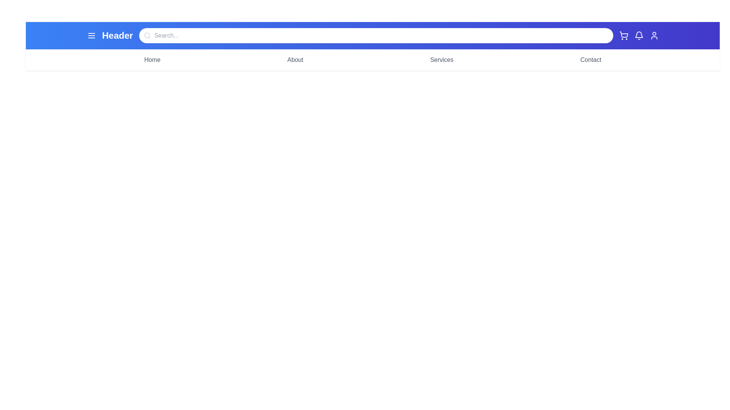 Image resolution: width=730 pixels, height=410 pixels. What do you see at coordinates (639, 35) in the screenshot?
I see `the notification bell icon` at bounding box center [639, 35].